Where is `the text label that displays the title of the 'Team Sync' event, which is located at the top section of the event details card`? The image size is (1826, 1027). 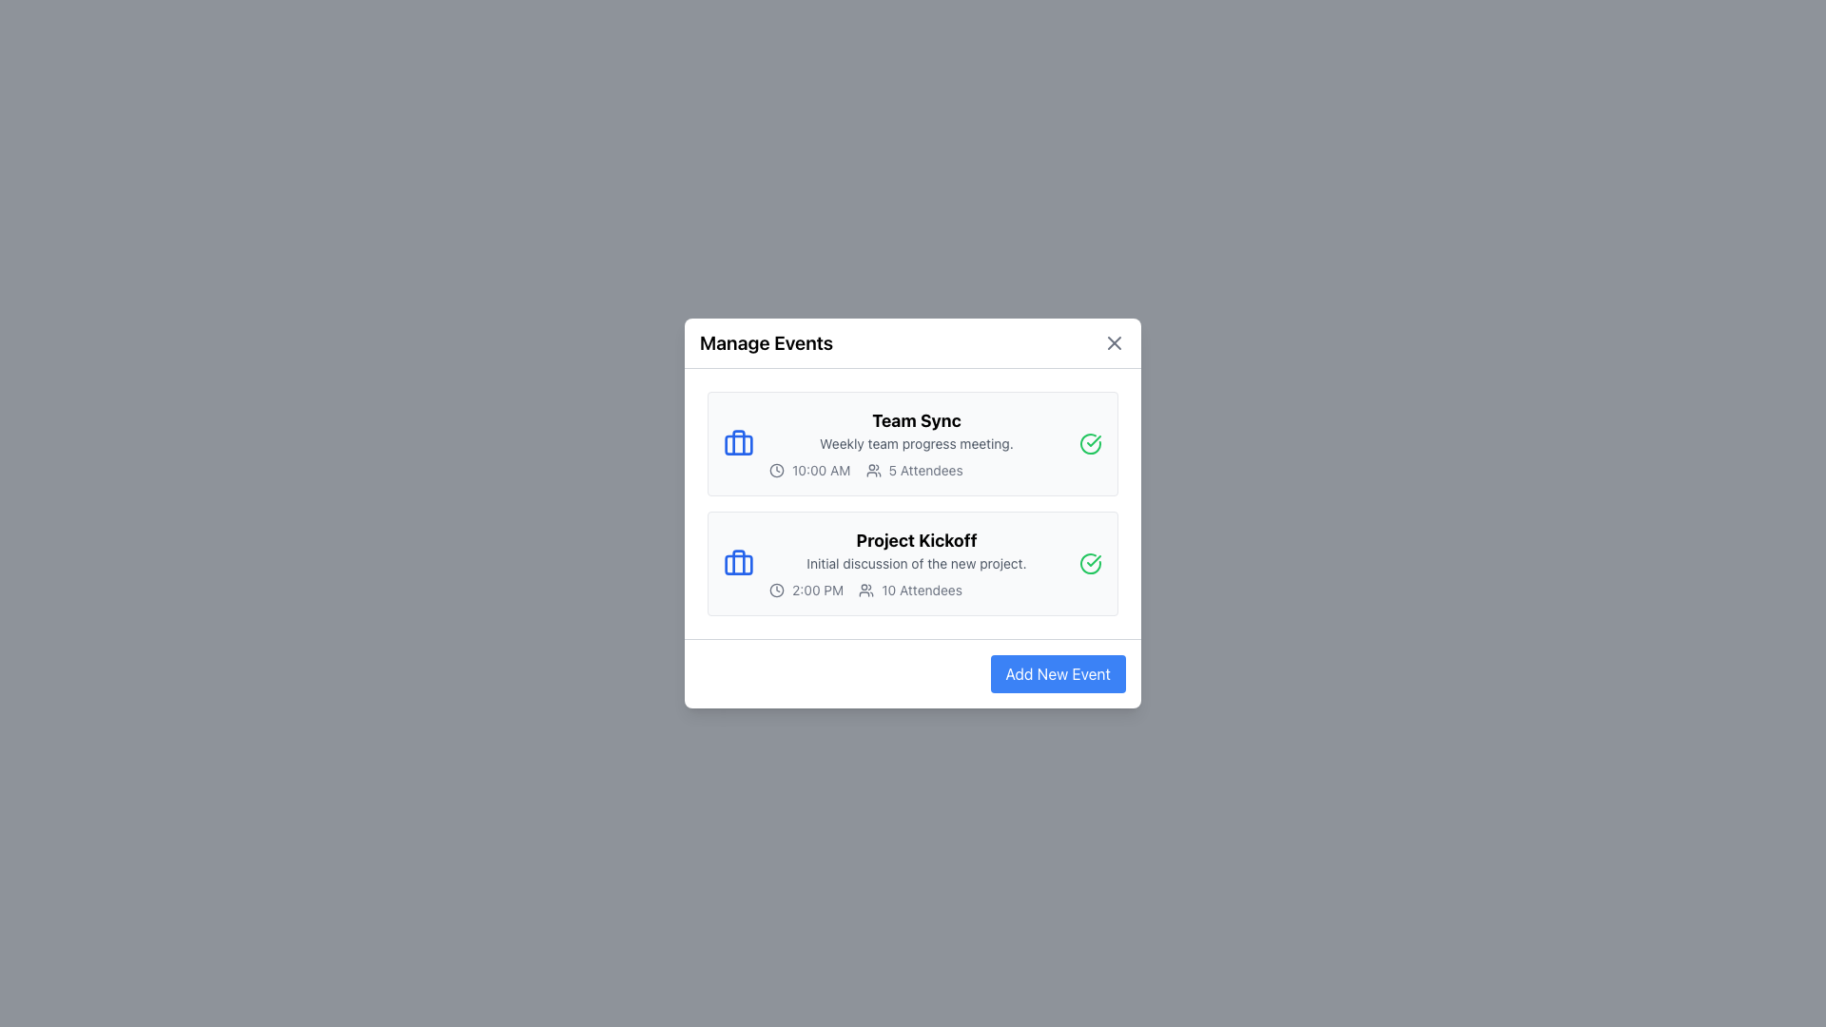
the text label that displays the title of the 'Team Sync' event, which is located at the top section of the event details card is located at coordinates (917, 420).